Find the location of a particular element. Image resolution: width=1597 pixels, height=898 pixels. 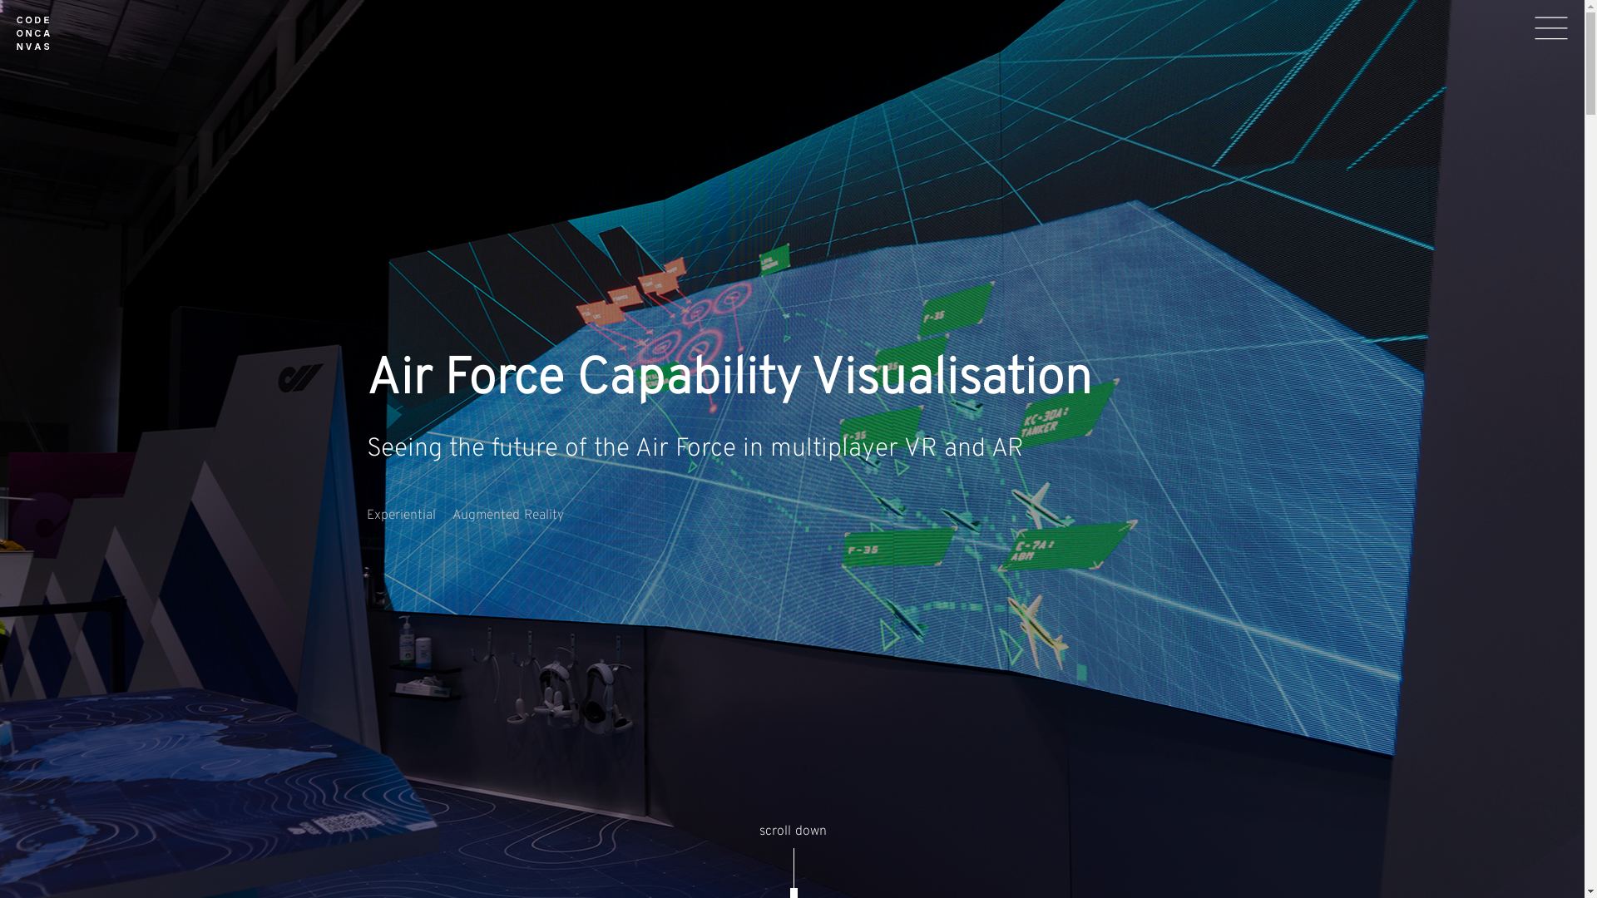

'Experiential' is located at coordinates (400, 515).